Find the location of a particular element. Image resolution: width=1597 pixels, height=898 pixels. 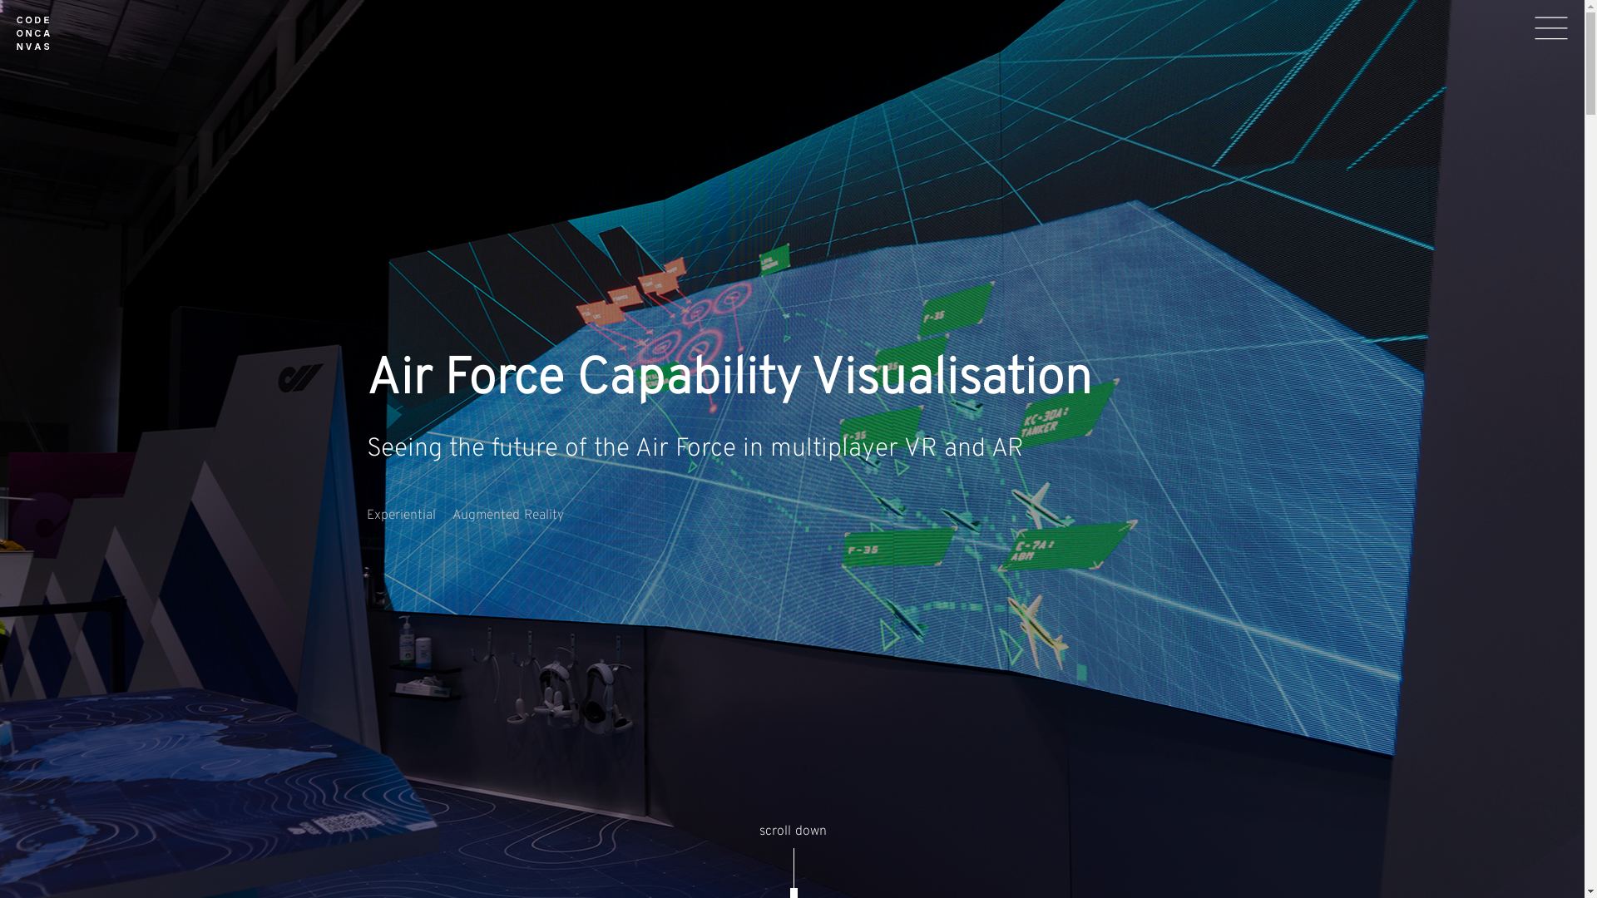

'Experiential' is located at coordinates (400, 515).